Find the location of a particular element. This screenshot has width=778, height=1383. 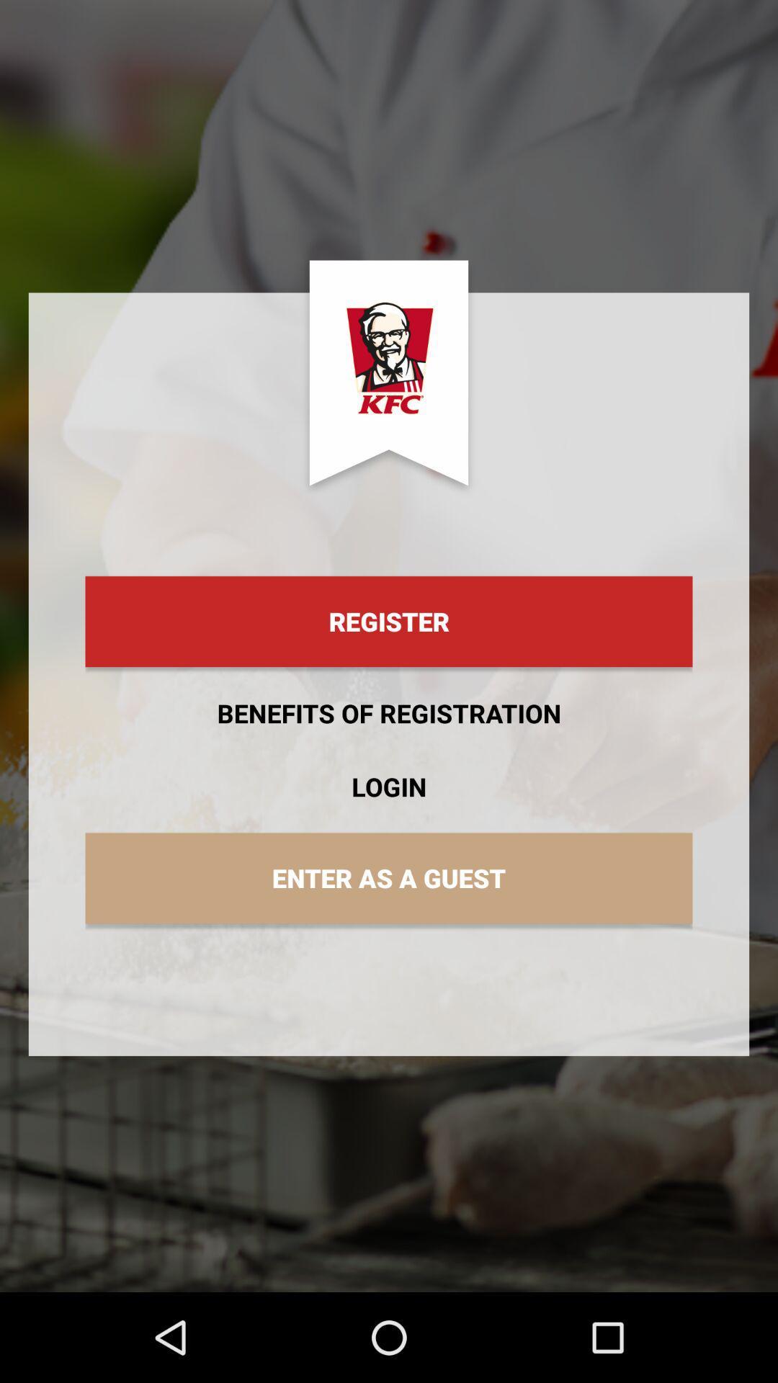

the register icon is located at coordinates (389, 622).